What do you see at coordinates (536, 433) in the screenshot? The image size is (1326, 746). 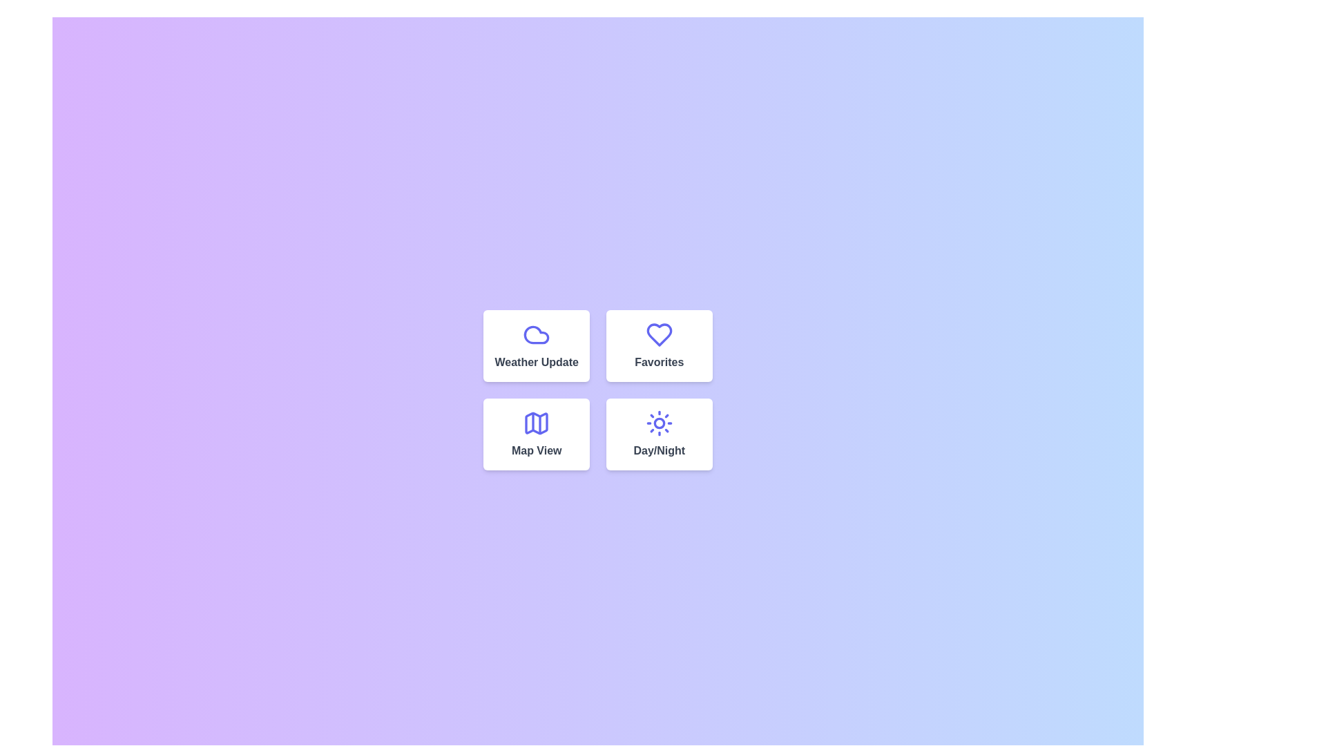 I see `the 'Map View' card, which is a rectangular card with a blue map icon and text, located in the bottom-left corner of a grid of four cards` at bounding box center [536, 433].